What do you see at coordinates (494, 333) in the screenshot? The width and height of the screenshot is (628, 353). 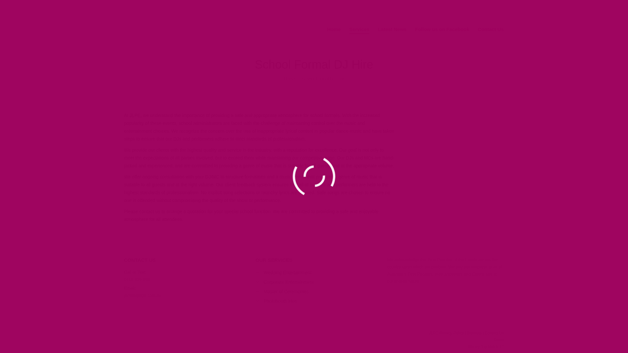 I see `'Contact Us'` at bounding box center [494, 333].